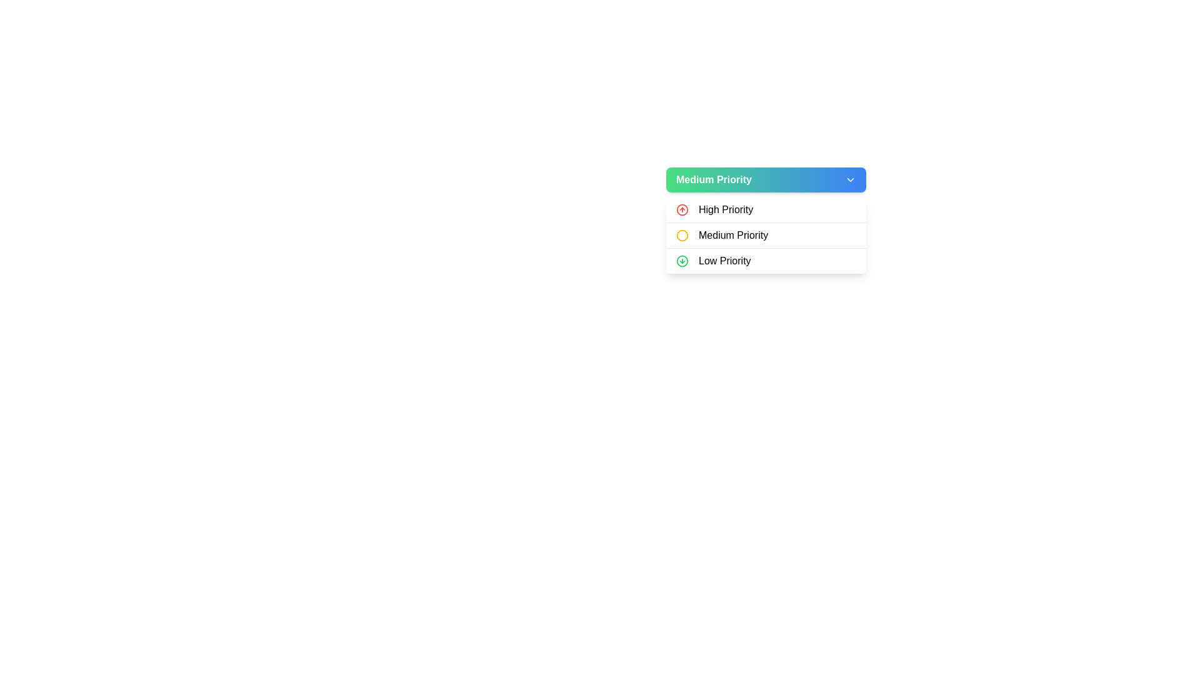 This screenshot has width=1200, height=675. I want to click on the 'Medium Priority' dropdown toggle button, which is a button-like component at the top of the dropdown menu, so click(765, 180).